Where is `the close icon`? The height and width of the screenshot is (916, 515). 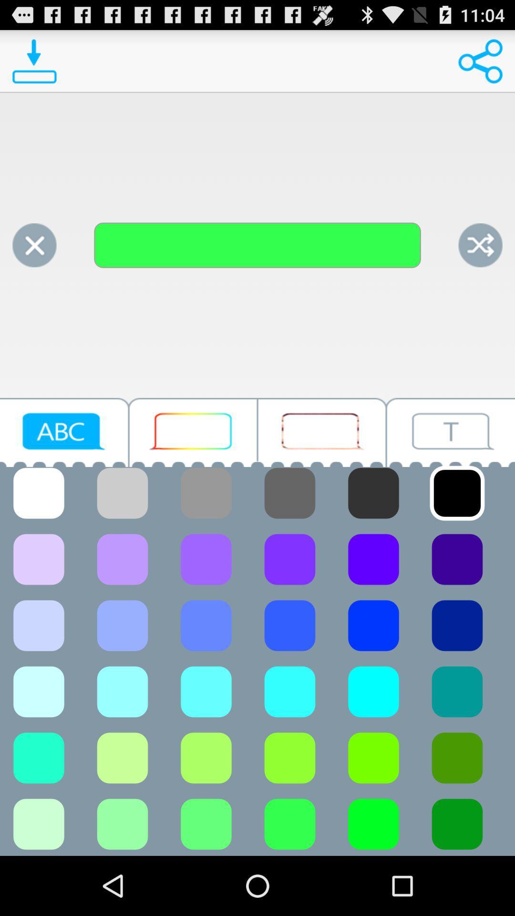 the close icon is located at coordinates (34, 262).